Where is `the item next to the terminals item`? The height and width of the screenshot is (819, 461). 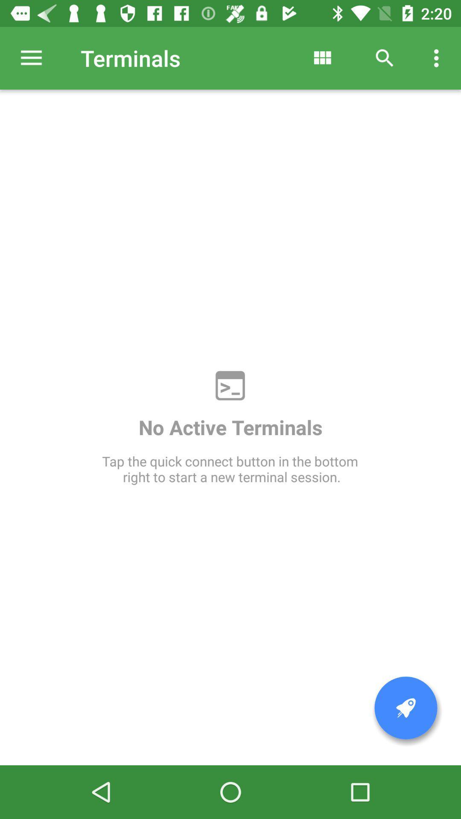
the item next to the terminals item is located at coordinates (322, 58).